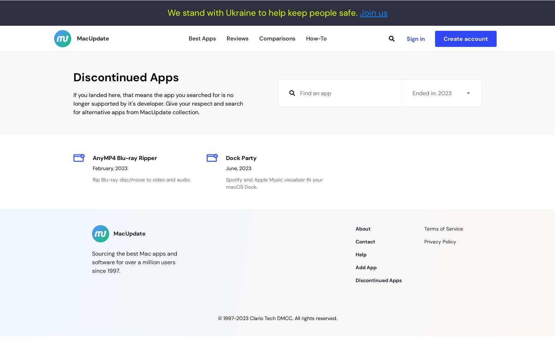  What do you see at coordinates (277, 38) in the screenshot?
I see `'Comparisons'` at bounding box center [277, 38].